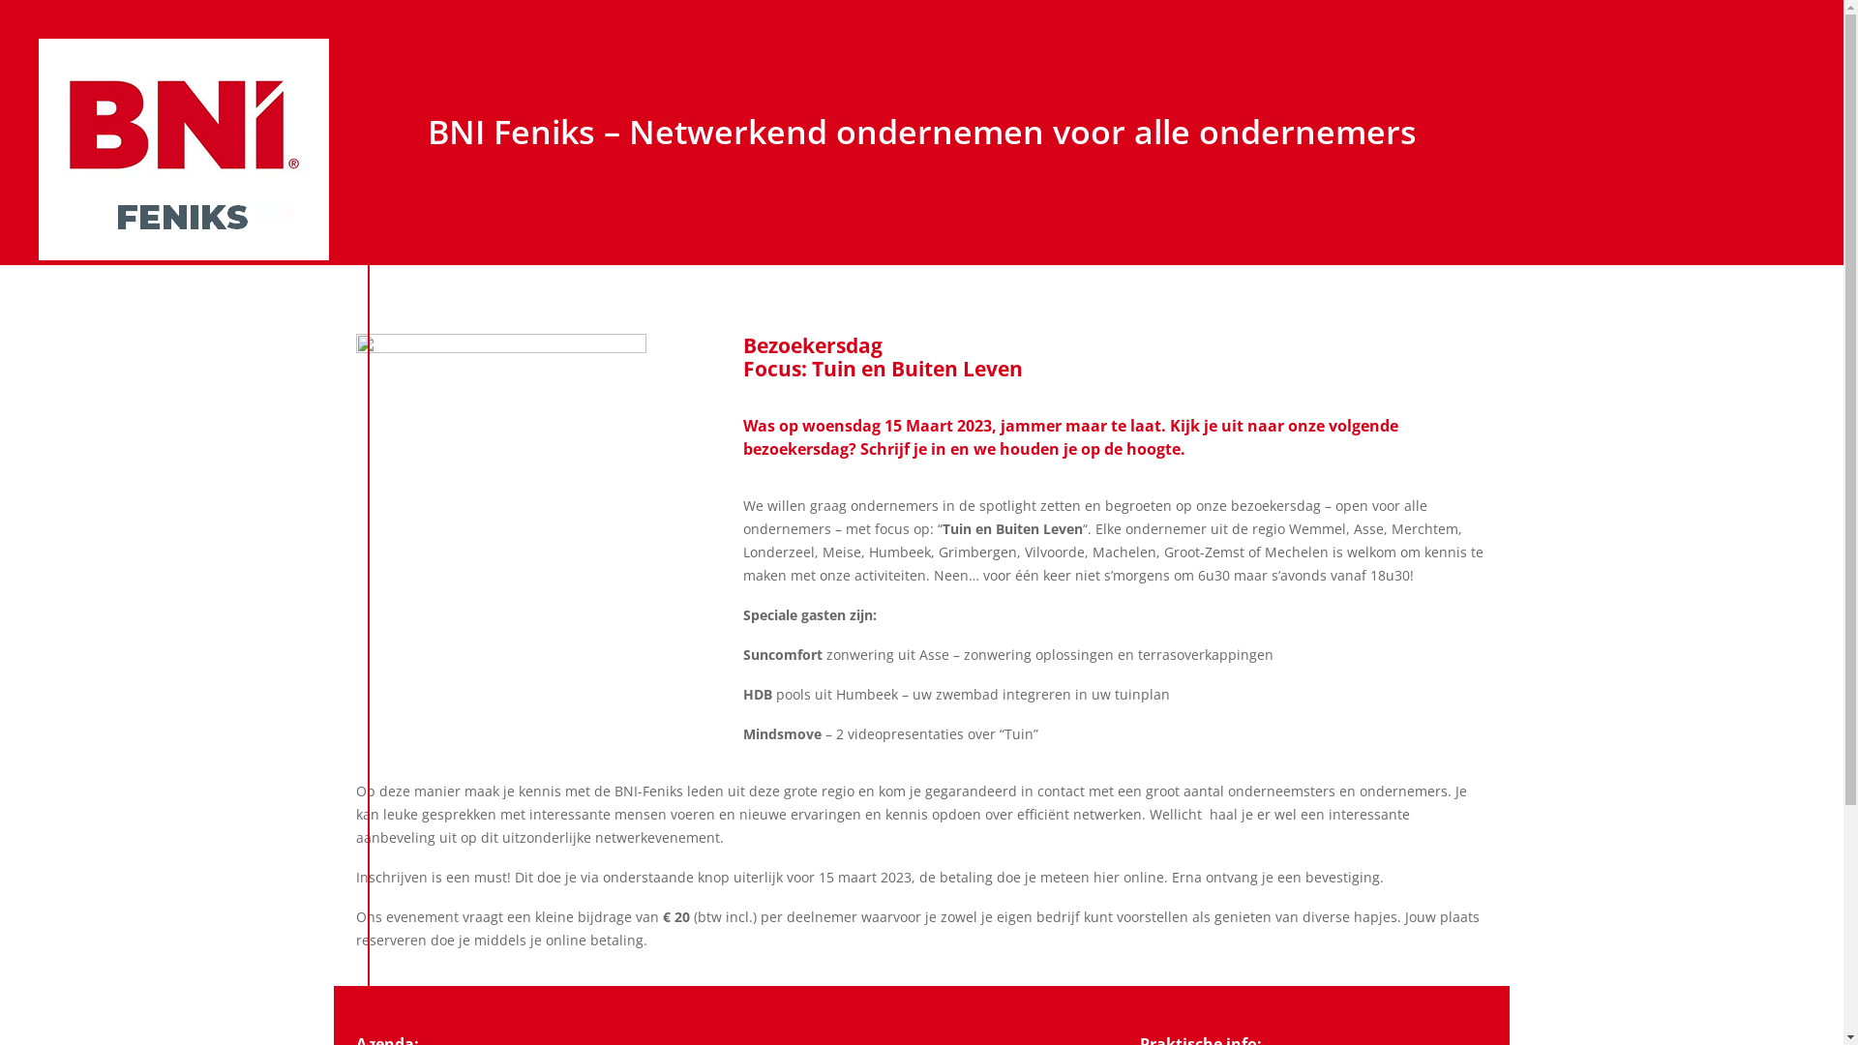  What do you see at coordinates (184, 148) in the screenshot?
I see `'BNI Feniks'` at bounding box center [184, 148].